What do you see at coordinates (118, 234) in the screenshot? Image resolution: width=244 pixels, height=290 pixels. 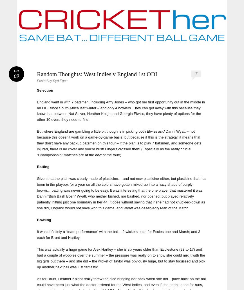 I see `'It was definitely a “team performance” with the ball – 2 wickets each for Ecclestone and Marsh; and 3 each for Brunt and Hartley.'` at bounding box center [118, 234].